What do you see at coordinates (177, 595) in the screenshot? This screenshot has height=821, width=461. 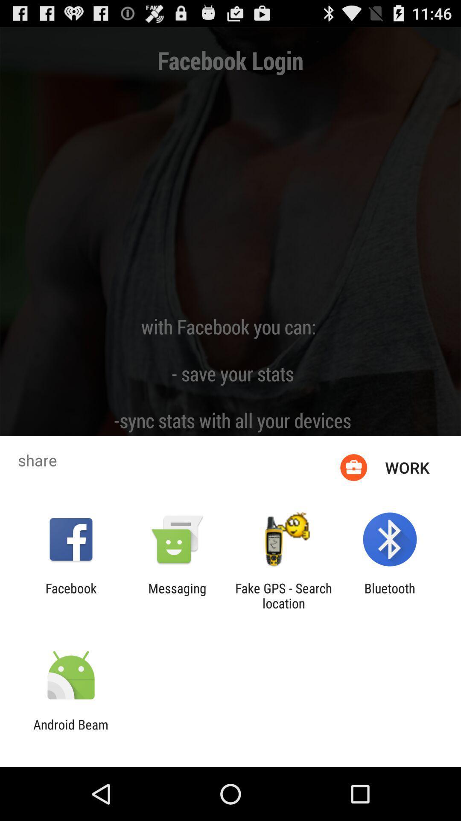 I see `app to the right of facebook app` at bounding box center [177, 595].